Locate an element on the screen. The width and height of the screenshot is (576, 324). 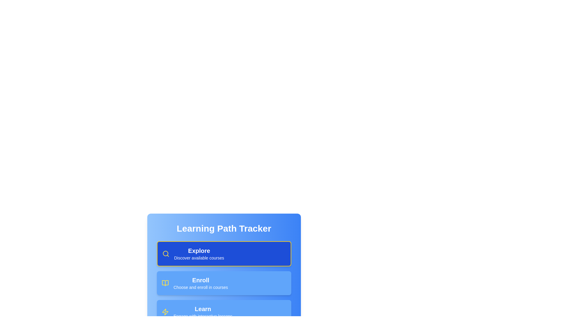
the 'Explore' text block, which is bold and larger, located above the 'Discover available courses' text, on a blue background is located at coordinates (199, 253).